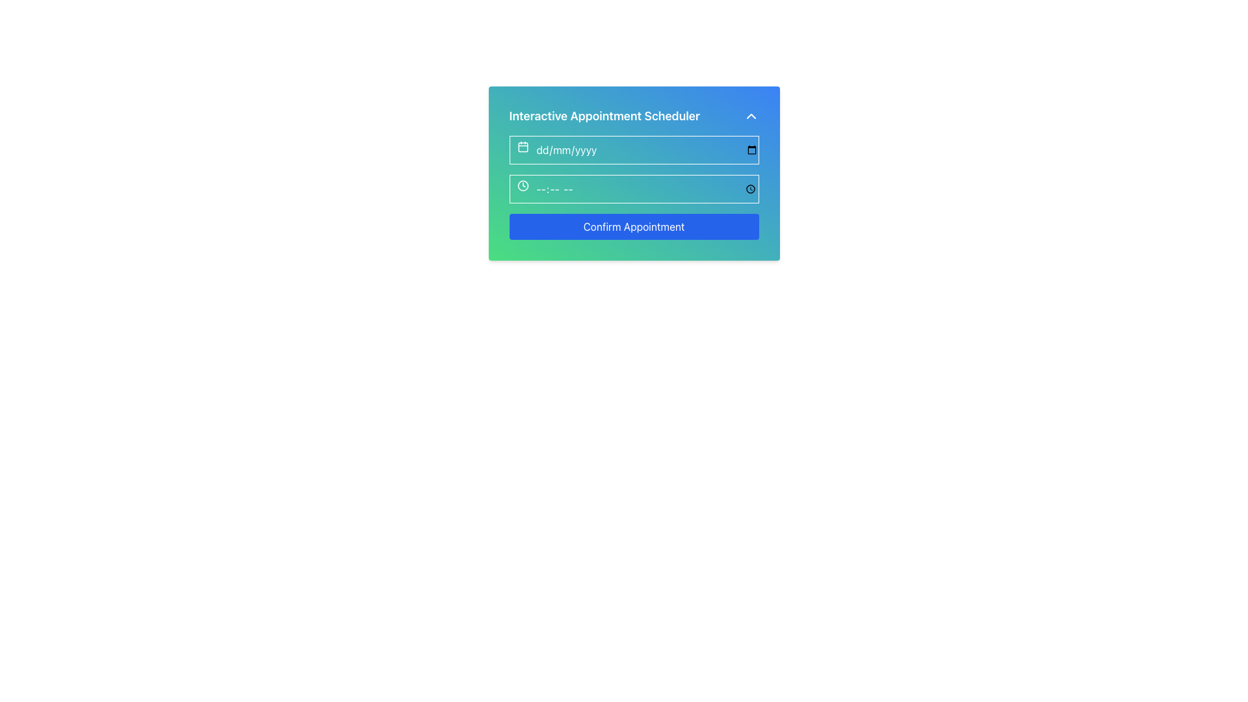  Describe the element at coordinates (634, 188) in the screenshot. I see `into the time input field located in the Interactive Appointment Scheduler` at that location.